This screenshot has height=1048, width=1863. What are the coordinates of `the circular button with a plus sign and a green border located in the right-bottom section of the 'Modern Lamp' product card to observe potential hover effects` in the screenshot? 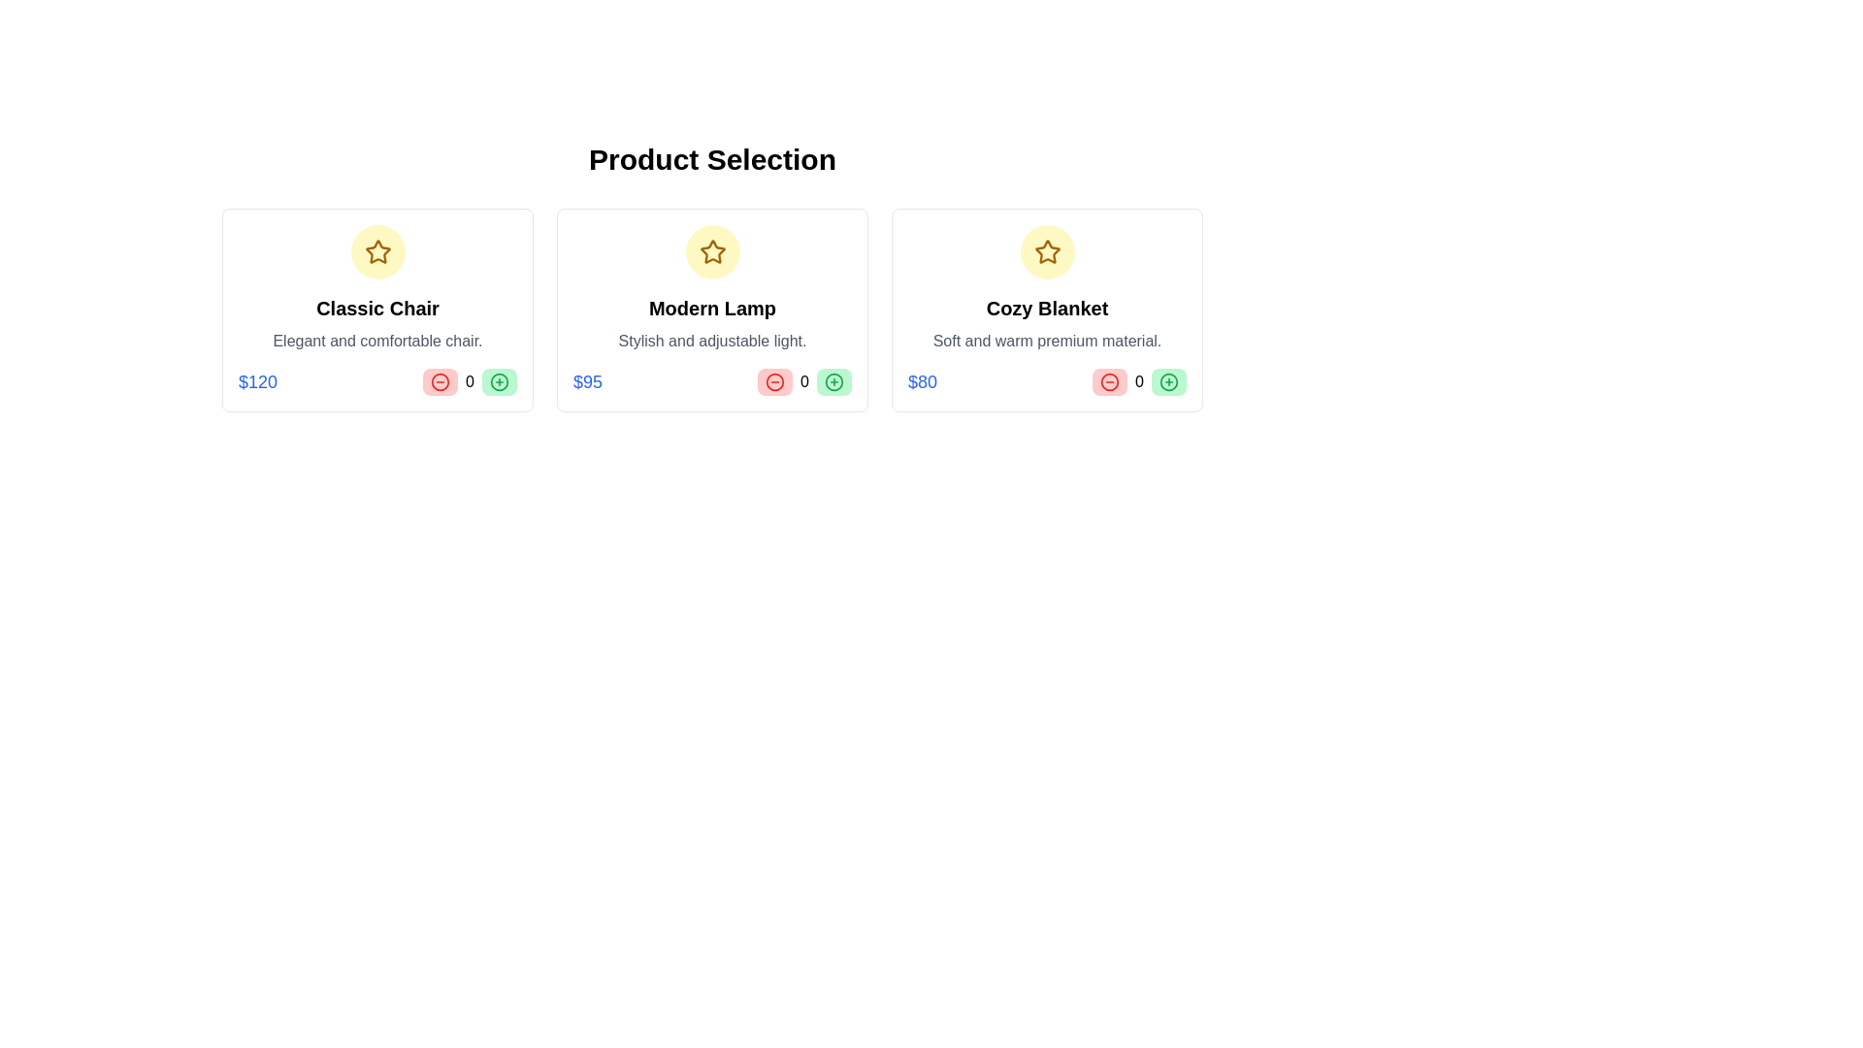 It's located at (833, 381).